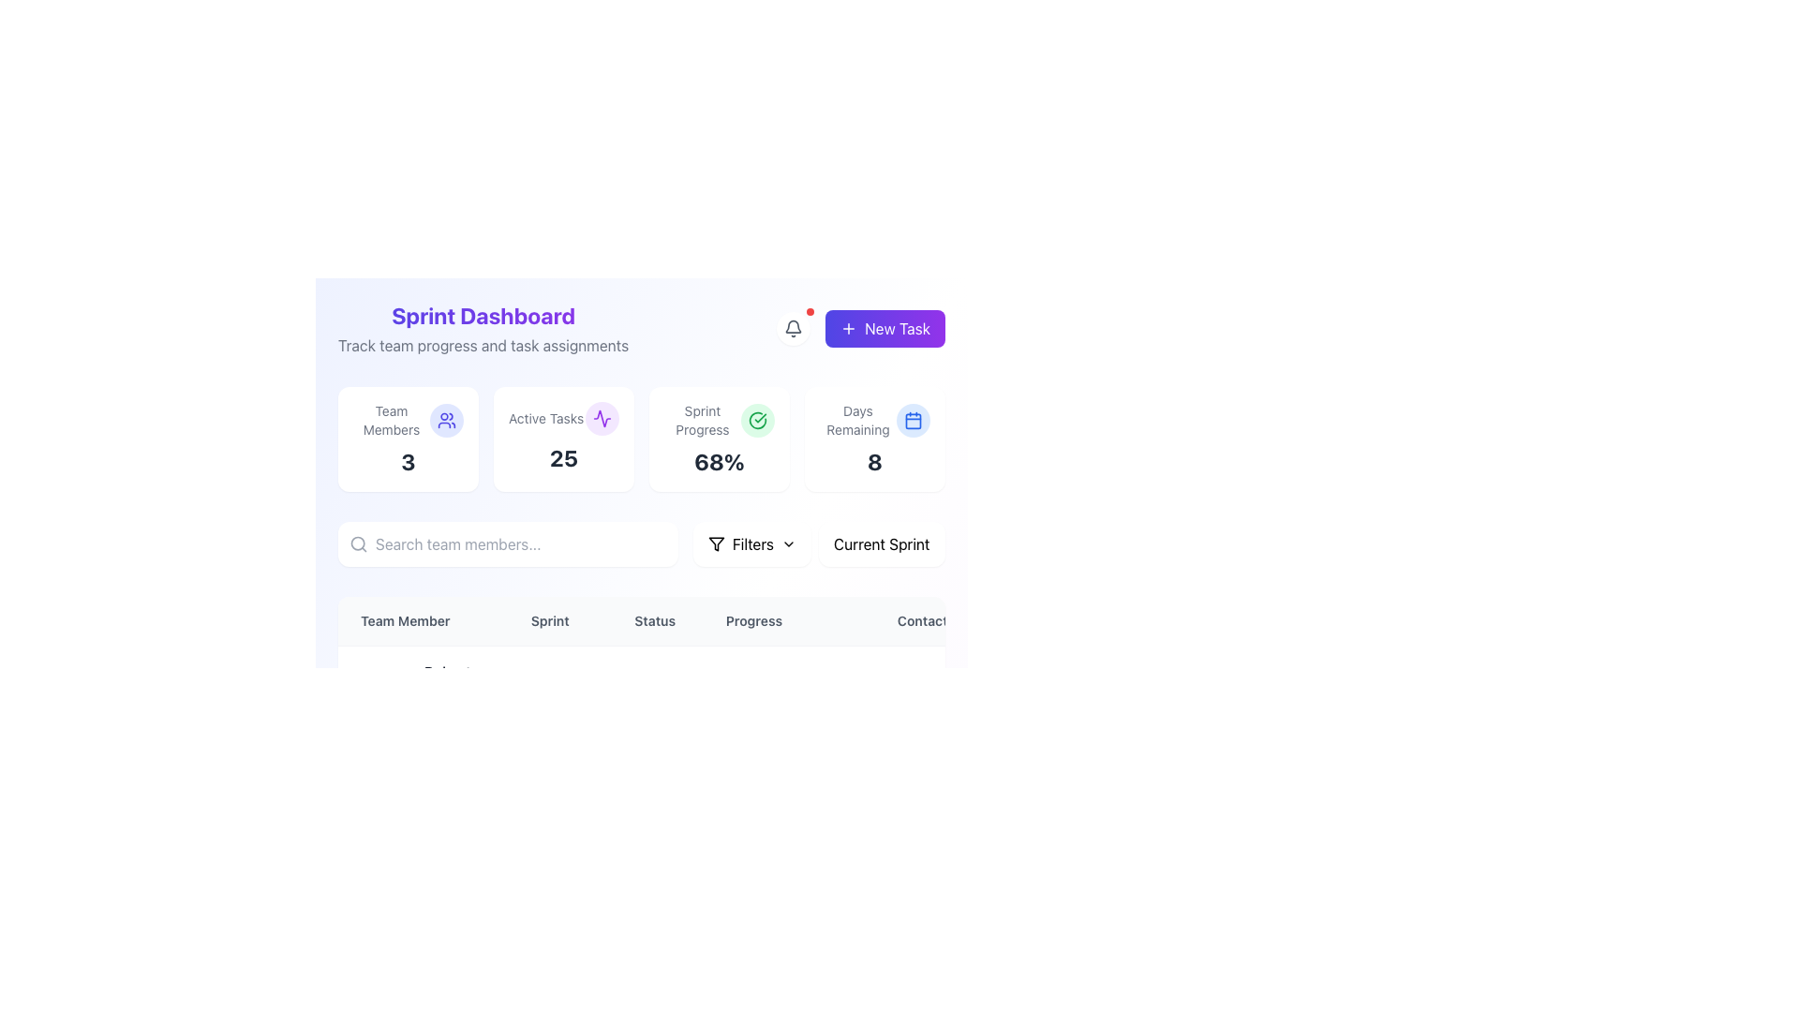 The width and height of the screenshot is (1799, 1012). What do you see at coordinates (562, 458) in the screenshot?
I see `the large and bold number '25' styled in dark gray color, located beneath the 'Active Tasks' label within a card in the second column` at bounding box center [562, 458].